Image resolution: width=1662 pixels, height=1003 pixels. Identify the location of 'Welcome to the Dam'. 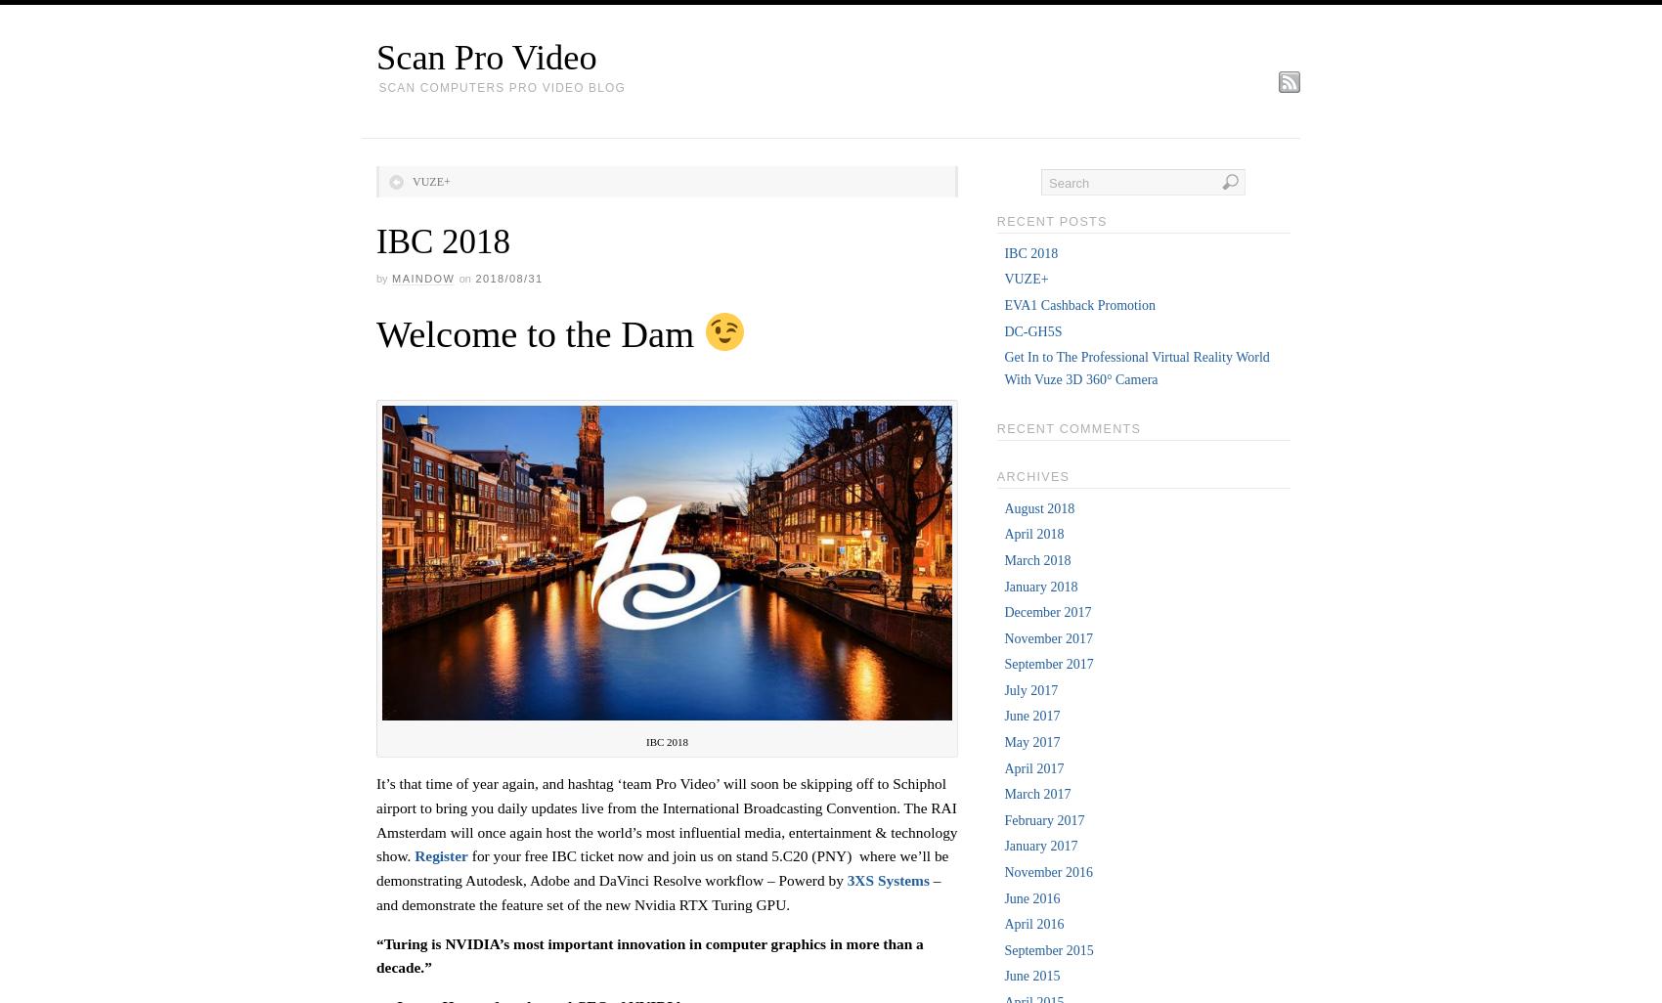
(538, 333).